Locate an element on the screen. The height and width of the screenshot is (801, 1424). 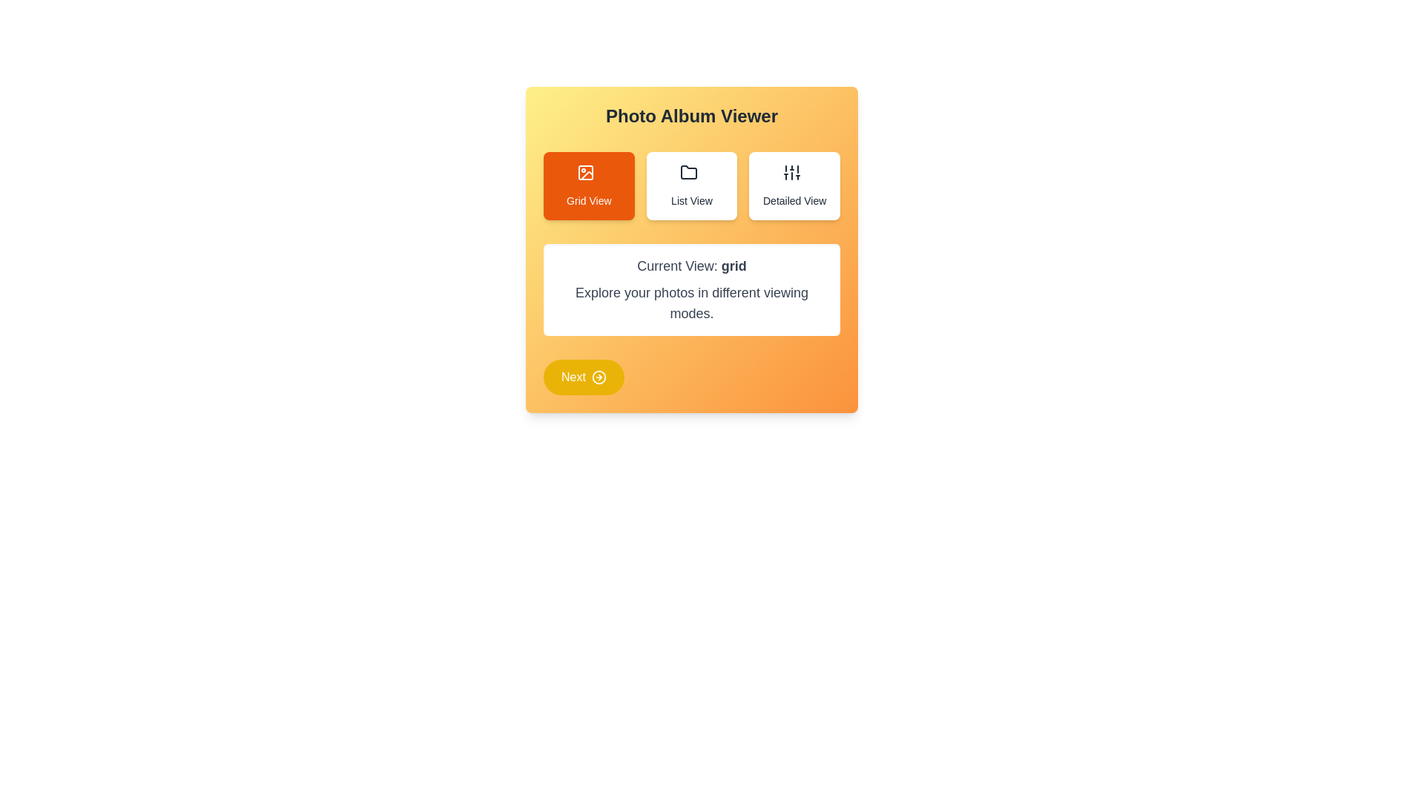
the 'Next' button located in the bottom-left area of the orangish rectangular section to proceed to the next step is located at coordinates (583, 377).